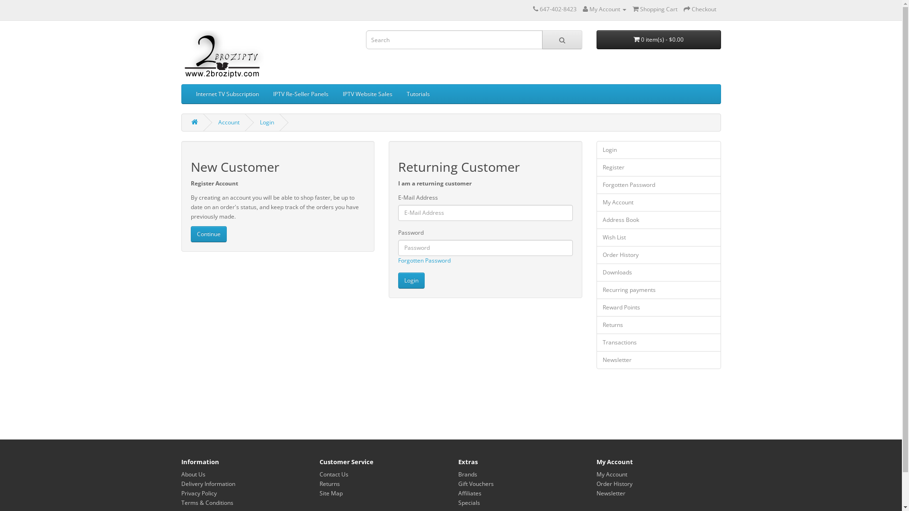  I want to click on 'Register', so click(658, 167).